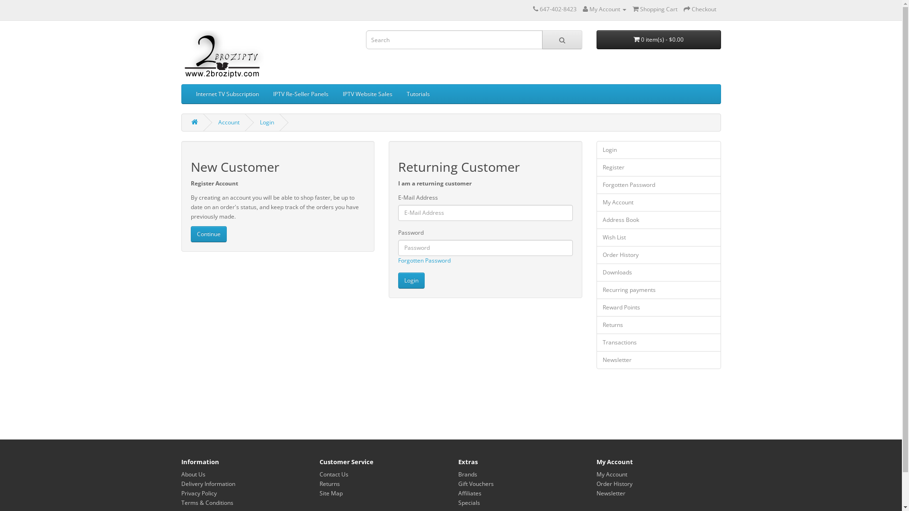  I want to click on 'Register', so click(658, 167).